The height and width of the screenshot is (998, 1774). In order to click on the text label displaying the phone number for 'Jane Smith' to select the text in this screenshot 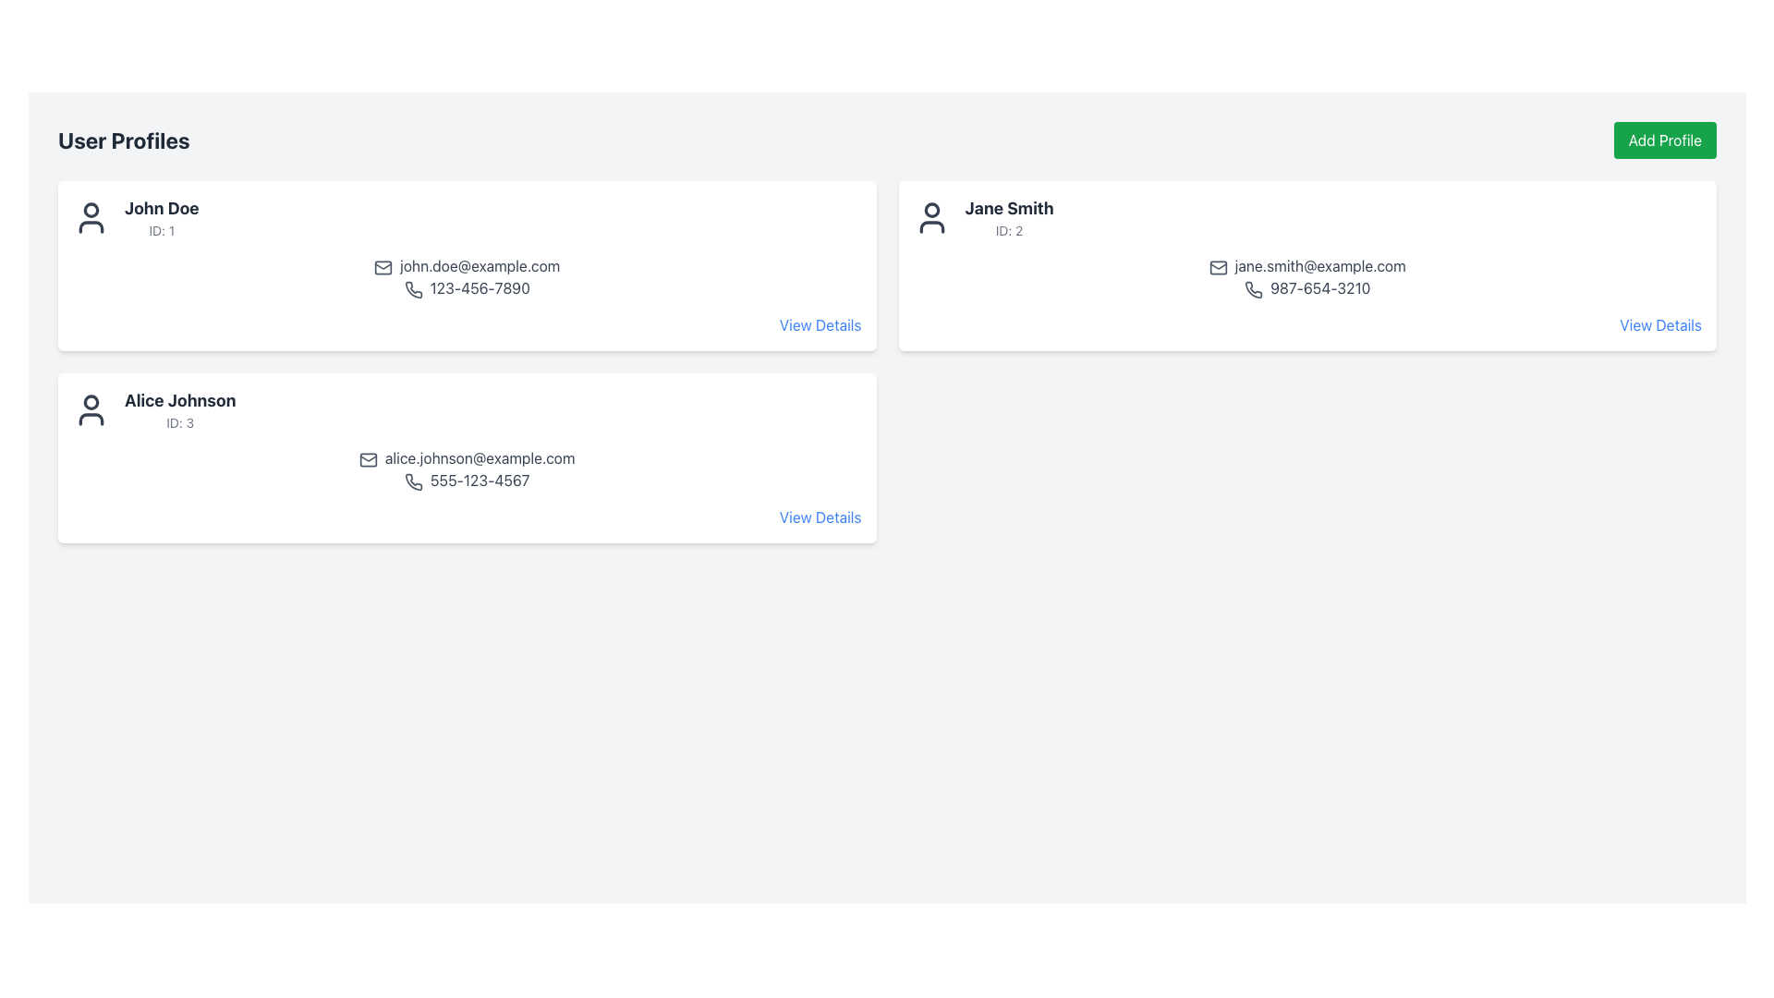, I will do `click(1306, 288)`.